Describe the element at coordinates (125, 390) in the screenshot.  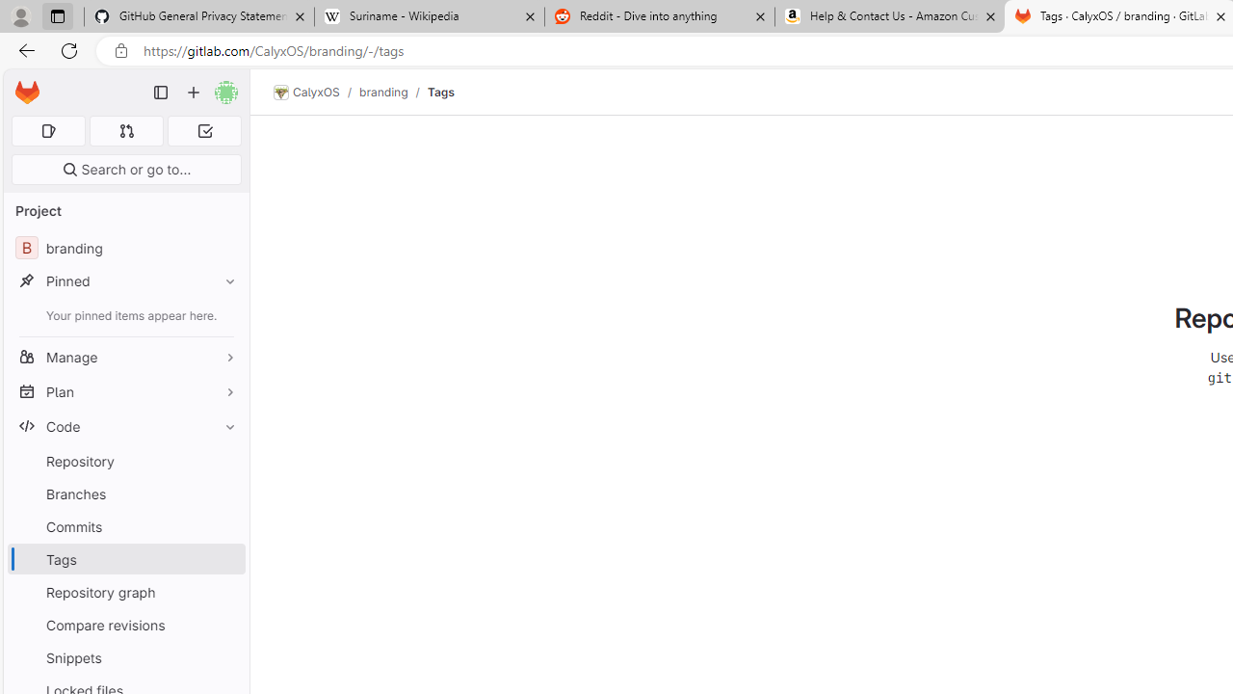
I see `'Plan'` at that location.